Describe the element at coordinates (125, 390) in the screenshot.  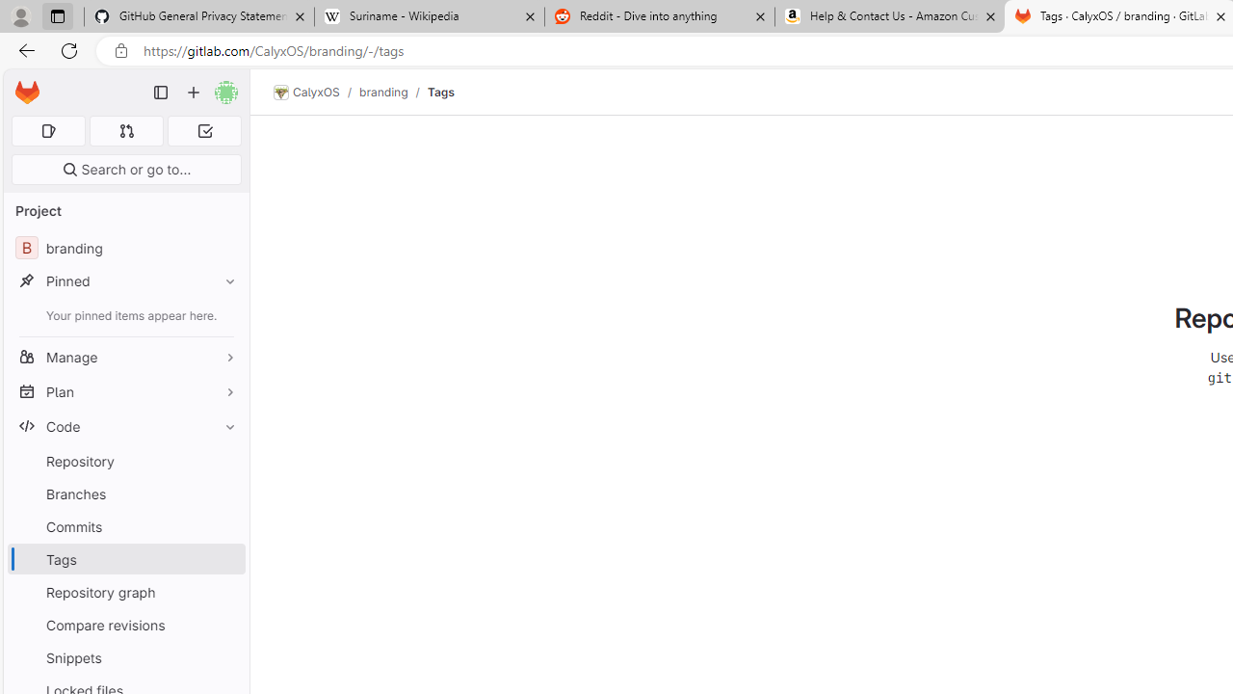
I see `'Plan'` at that location.